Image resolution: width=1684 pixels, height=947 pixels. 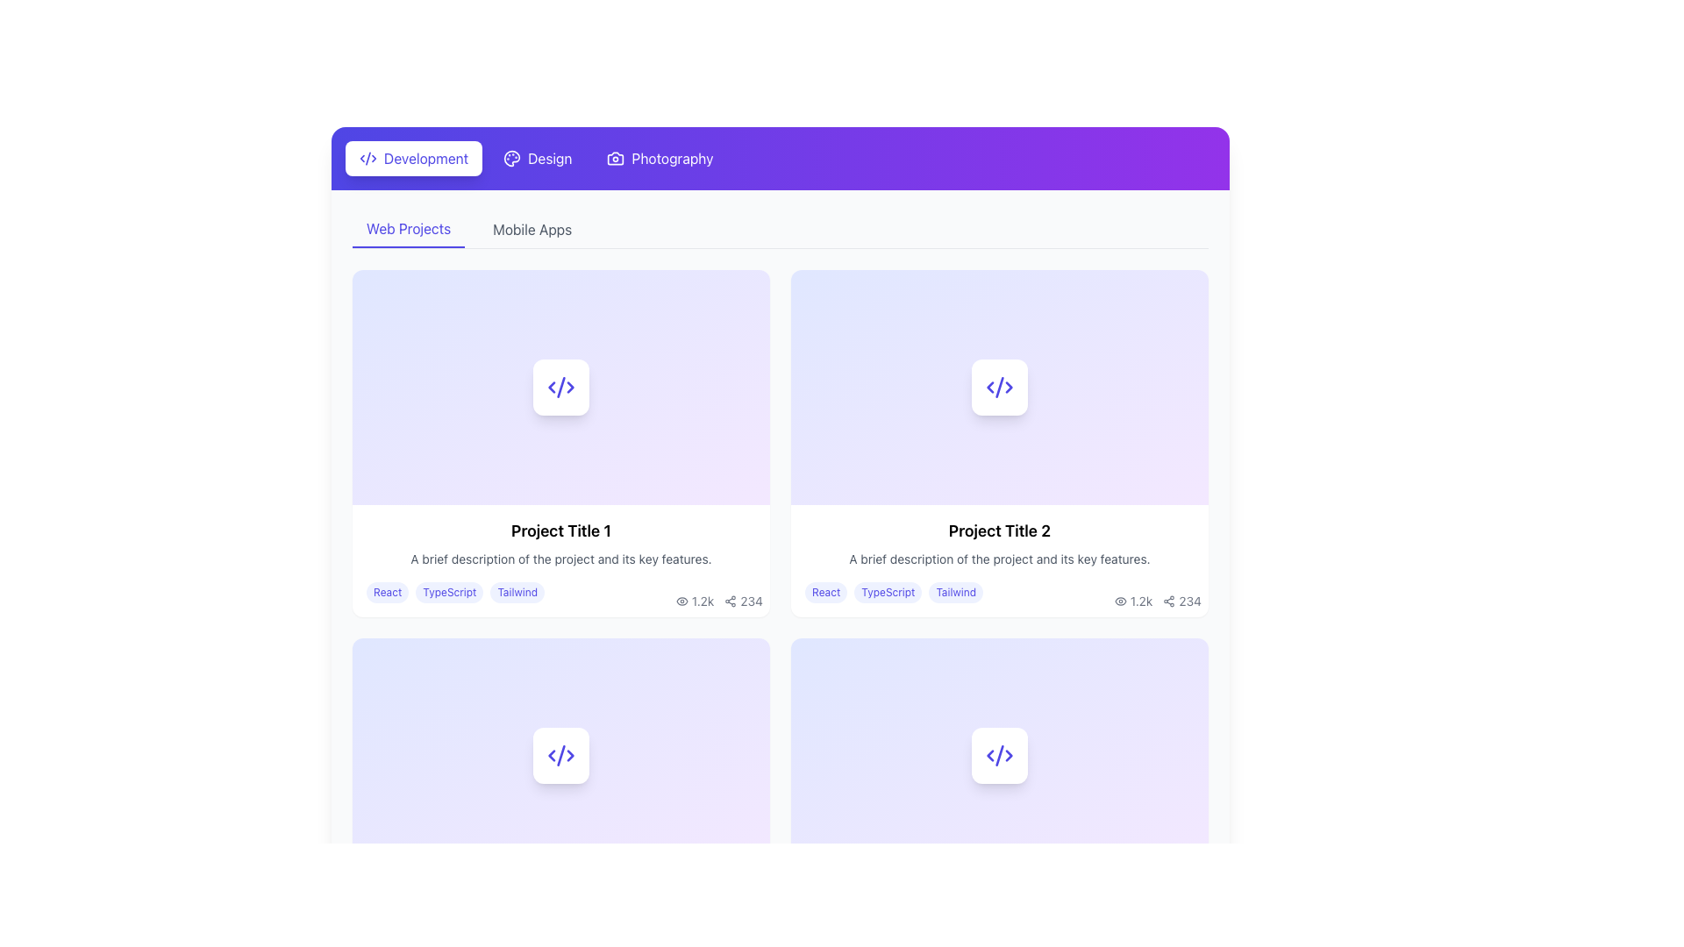 What do you see at coordinates (1116, 659) in the screenshot?
I see `the first button in the bottom-right section of the second card in the grid layout` at bounding box center [1116, 659].